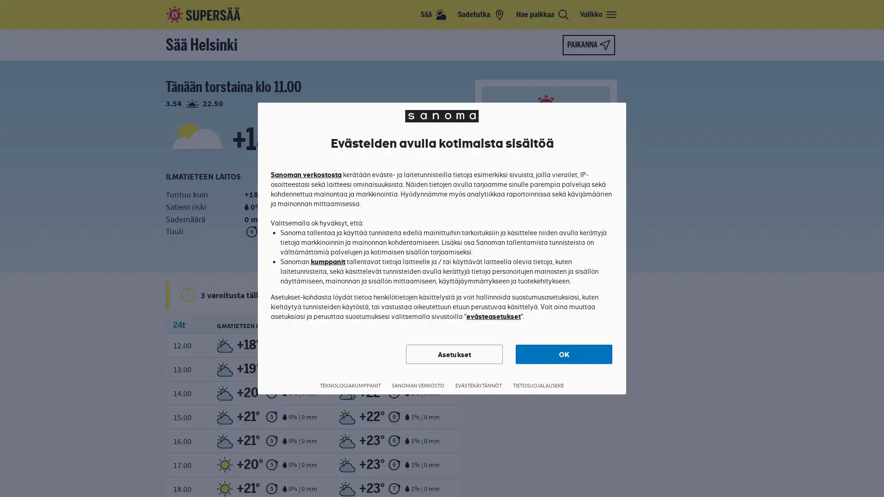  What do you see at coordinates (588, 45) in the screenshot?
I see `Paikanna minut` at bounding box center [588, 45].